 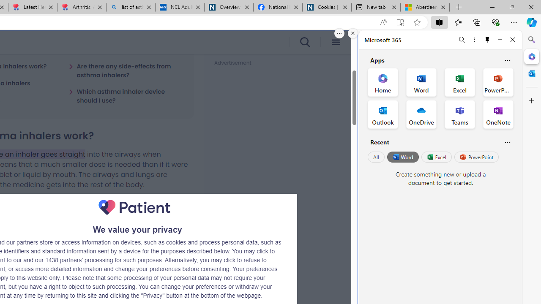 I want to click on 'Teams Office App', so click(x=459, y=114).